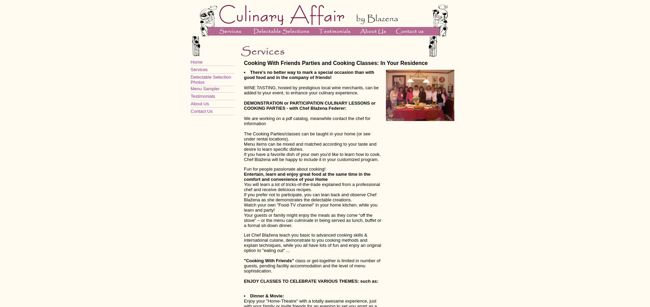  Describe the element at coordinates (199, 69) in the screenshot. I see `'Services'` at that location.